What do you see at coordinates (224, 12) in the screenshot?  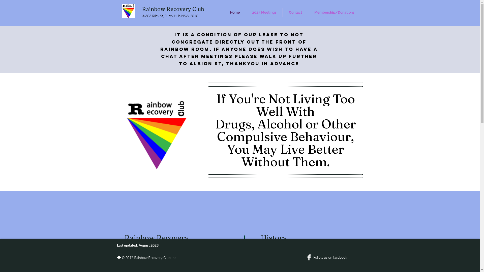 I see `'Home'` at bounding box center [224, 12].